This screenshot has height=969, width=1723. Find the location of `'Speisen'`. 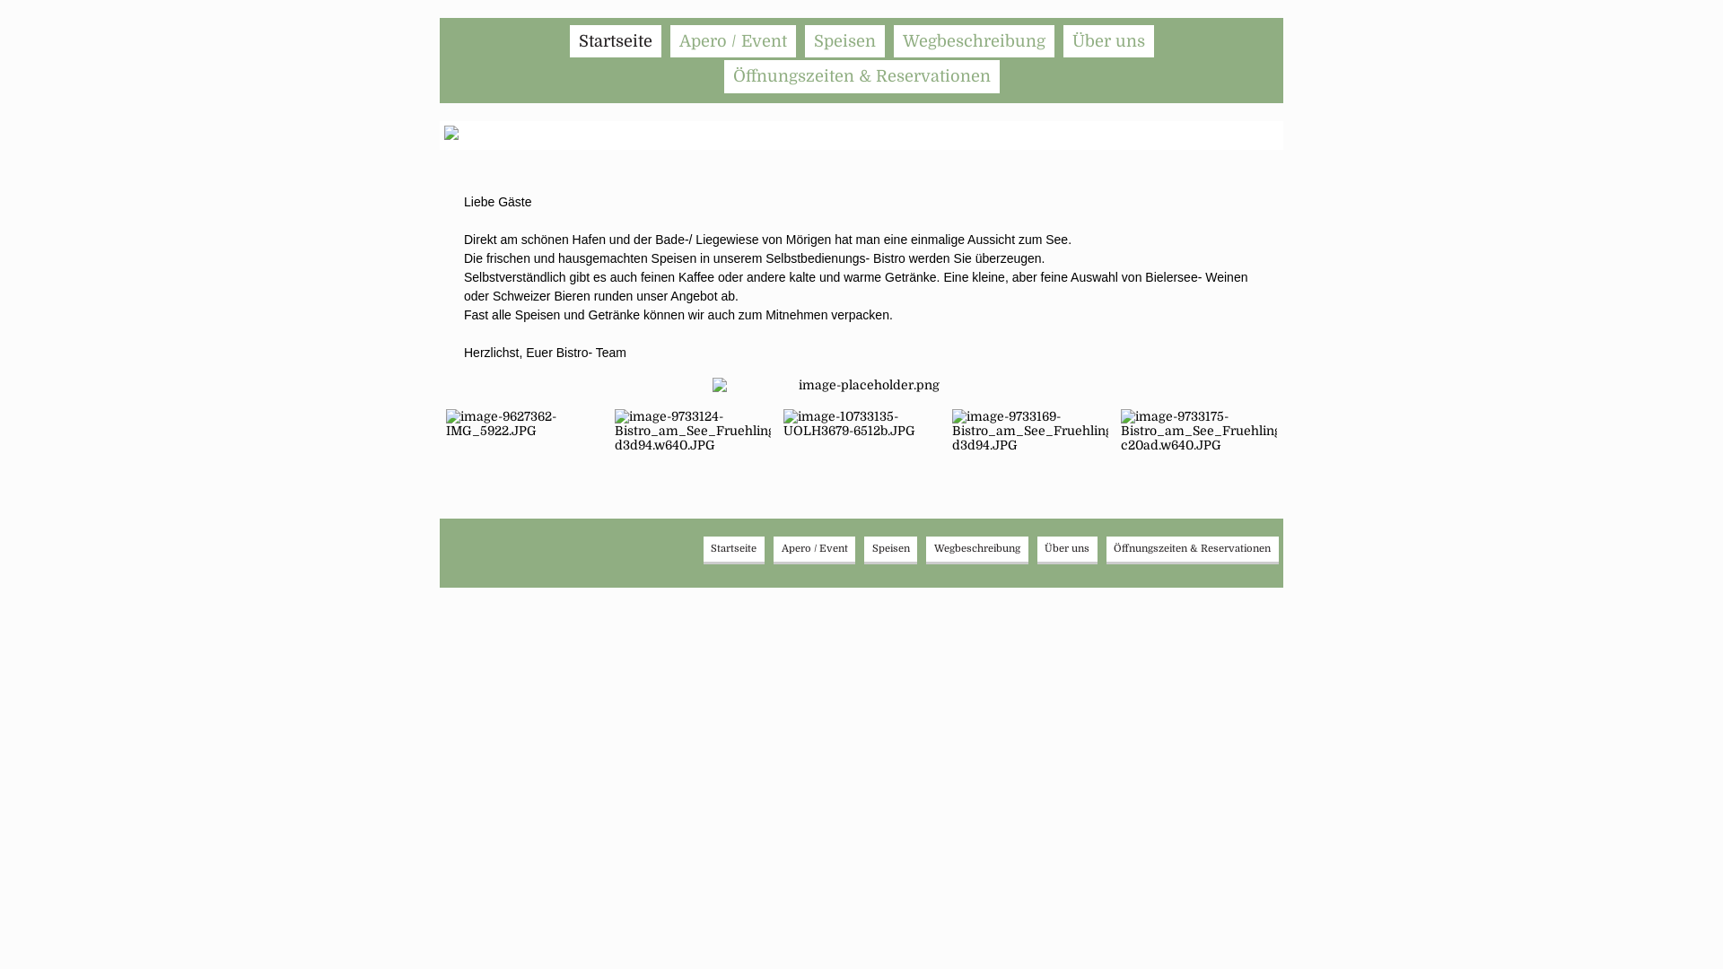

'Speisen' is located at coordinates (891, 547).